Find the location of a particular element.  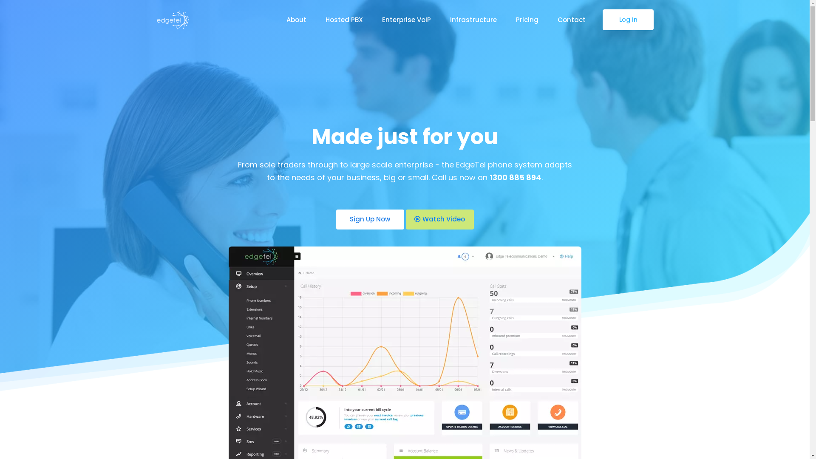

'Contact' is located at coordinates (571, 19).